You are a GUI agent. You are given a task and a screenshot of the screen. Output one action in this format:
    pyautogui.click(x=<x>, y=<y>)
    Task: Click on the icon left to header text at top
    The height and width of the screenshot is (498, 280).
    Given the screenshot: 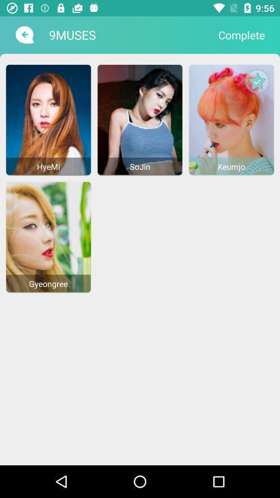 What is the action you would take?
    pyautogui.click(x=24, y=35)
    